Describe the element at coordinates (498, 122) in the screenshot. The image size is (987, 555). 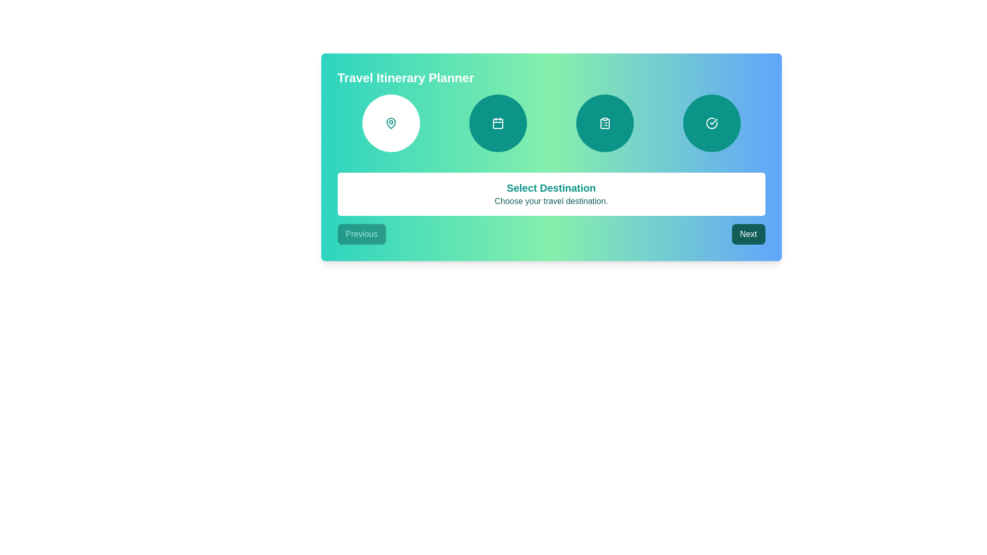
I see `the second button from the left in a set of four buttons, which opens a calendar or date-related functionality` at that location.